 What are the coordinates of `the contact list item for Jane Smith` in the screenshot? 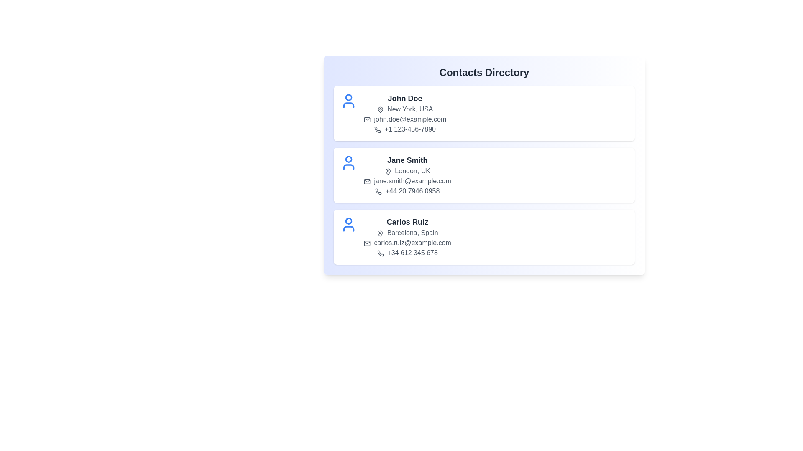 It's located at (484, 175).